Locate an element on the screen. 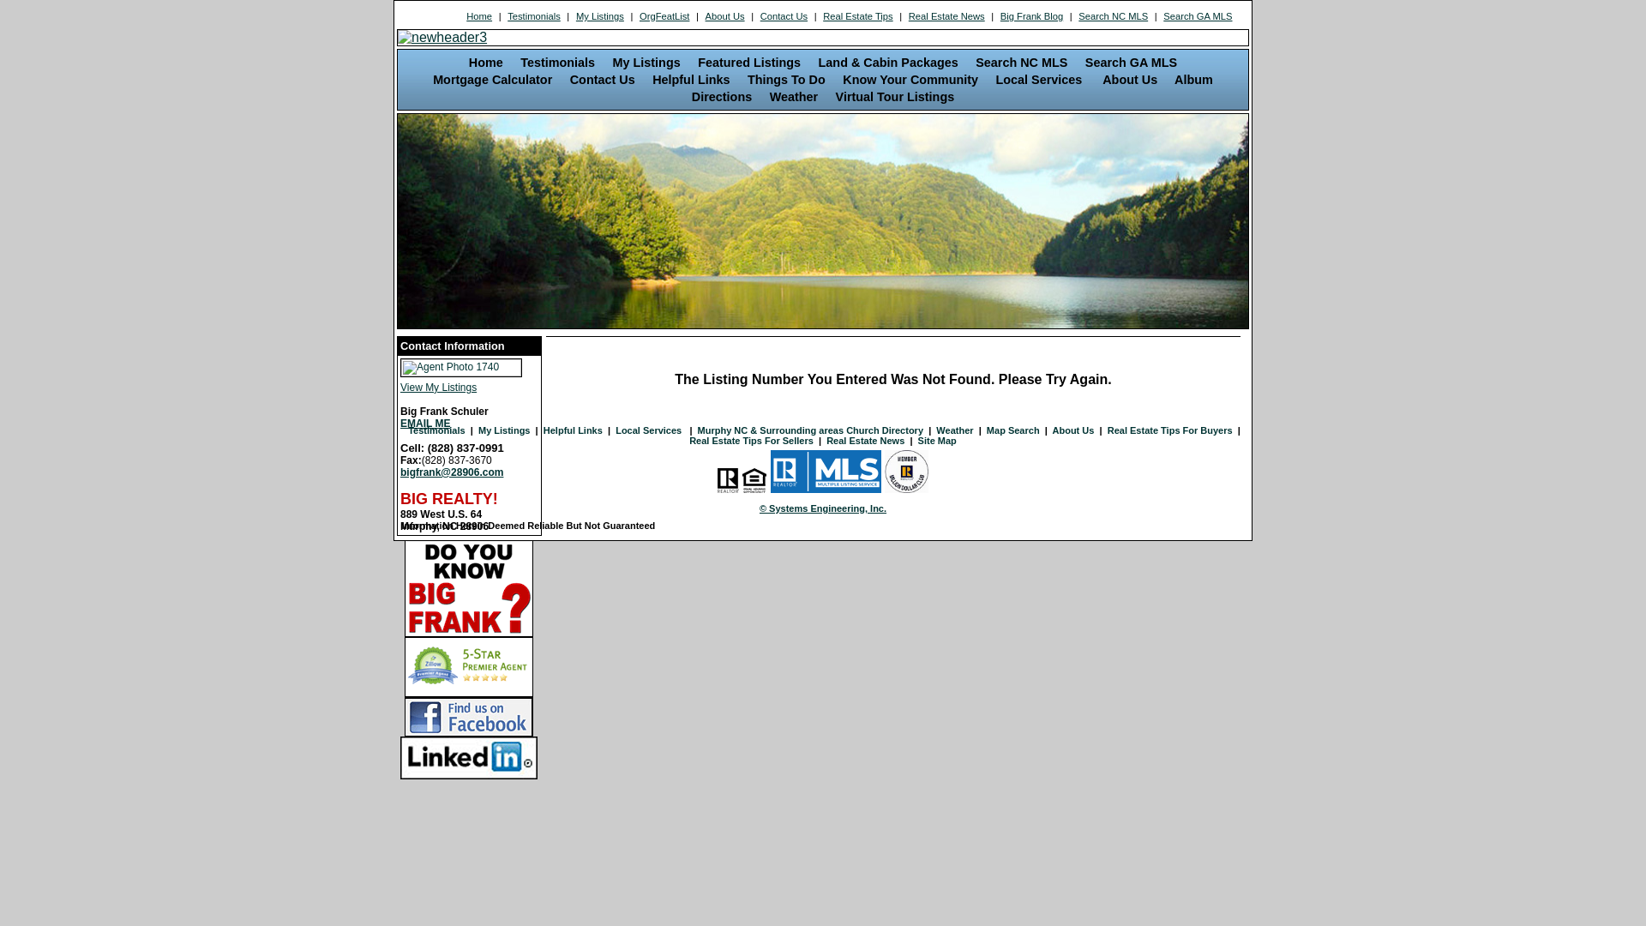 The image size is (1646, 926). 'Local Services' is located at coordinates (1039, 79).